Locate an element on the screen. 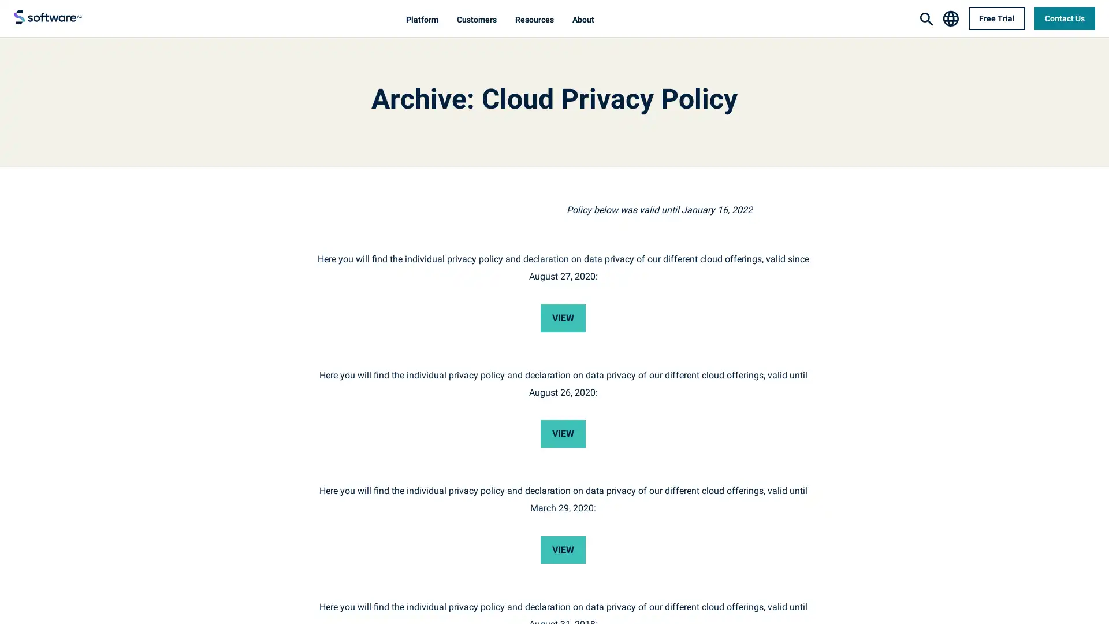 The height and width of the screenshot is (624, 1109). Search is located at coordinates (926, 19).